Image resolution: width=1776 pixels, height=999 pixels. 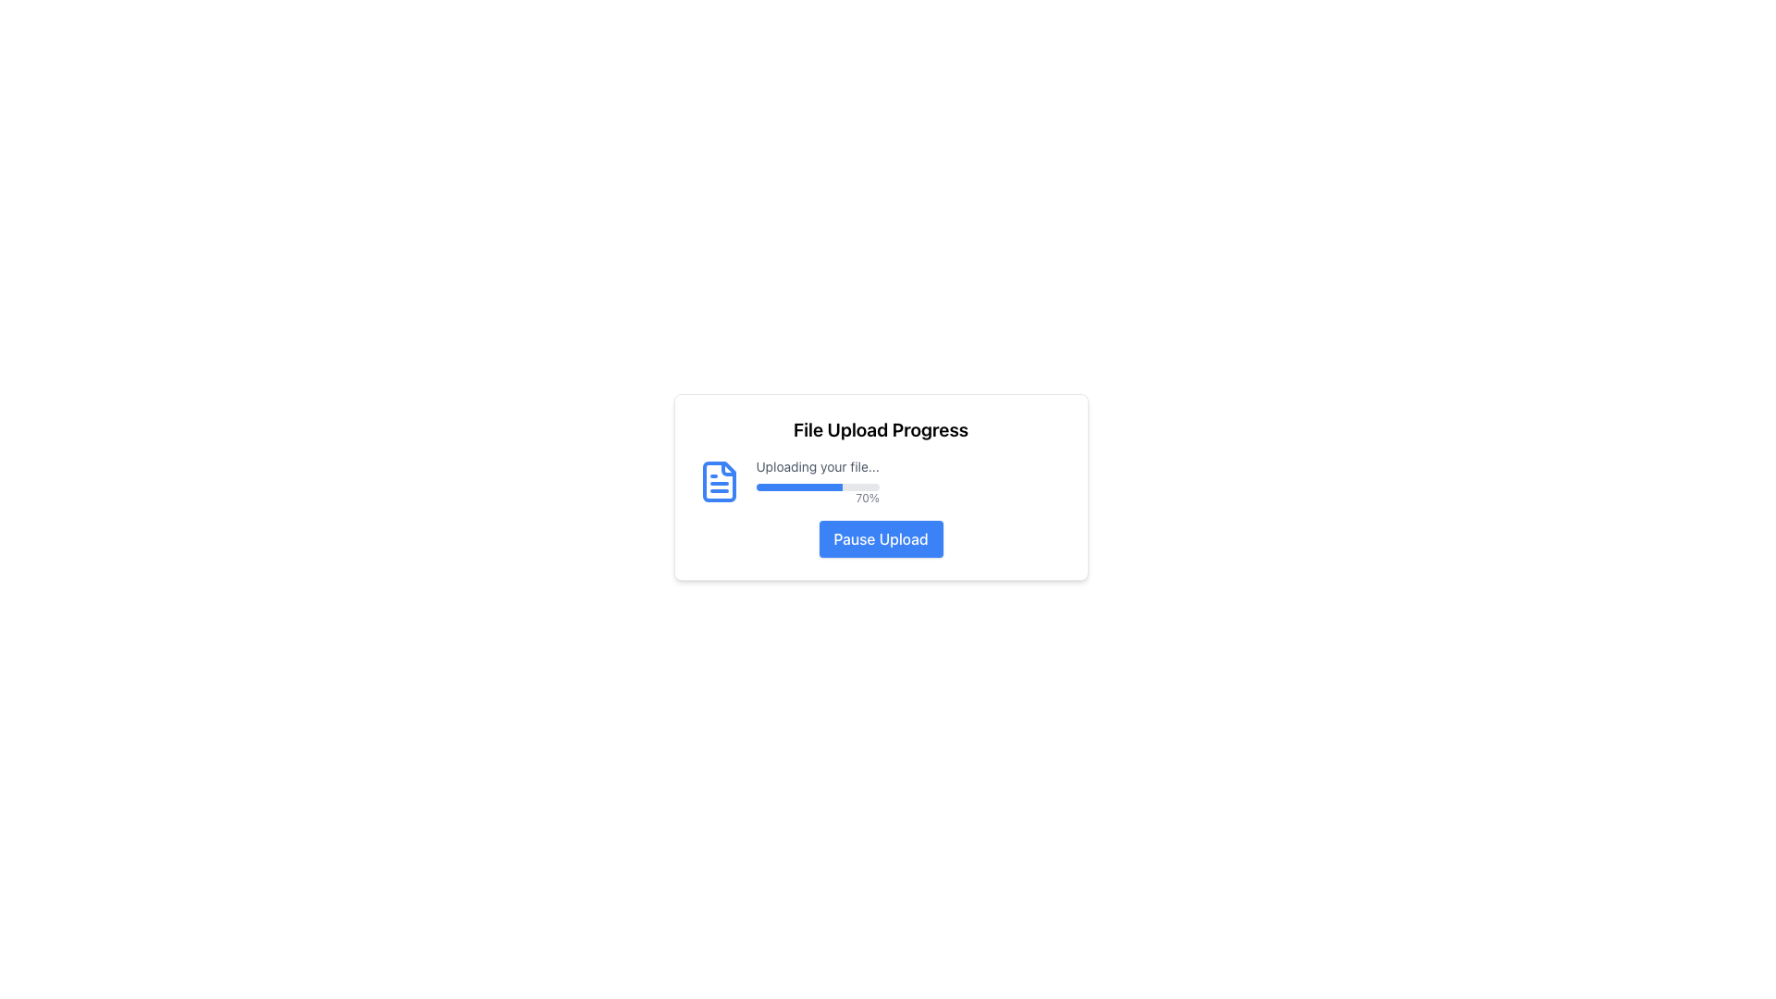 I want to click on status message displayed as 'Uploading your file...' in gray color located at the top of the progress update area in the 'File Upload Progress' modal, so click(x=817, y=466).